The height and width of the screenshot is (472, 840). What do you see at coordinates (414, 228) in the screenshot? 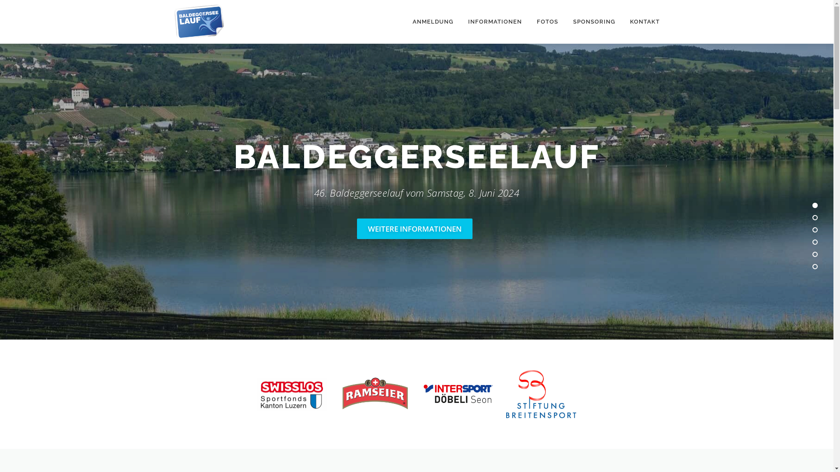
I see `'WEITERE INFORMATIONEN'` at bounding box center [414, 228].